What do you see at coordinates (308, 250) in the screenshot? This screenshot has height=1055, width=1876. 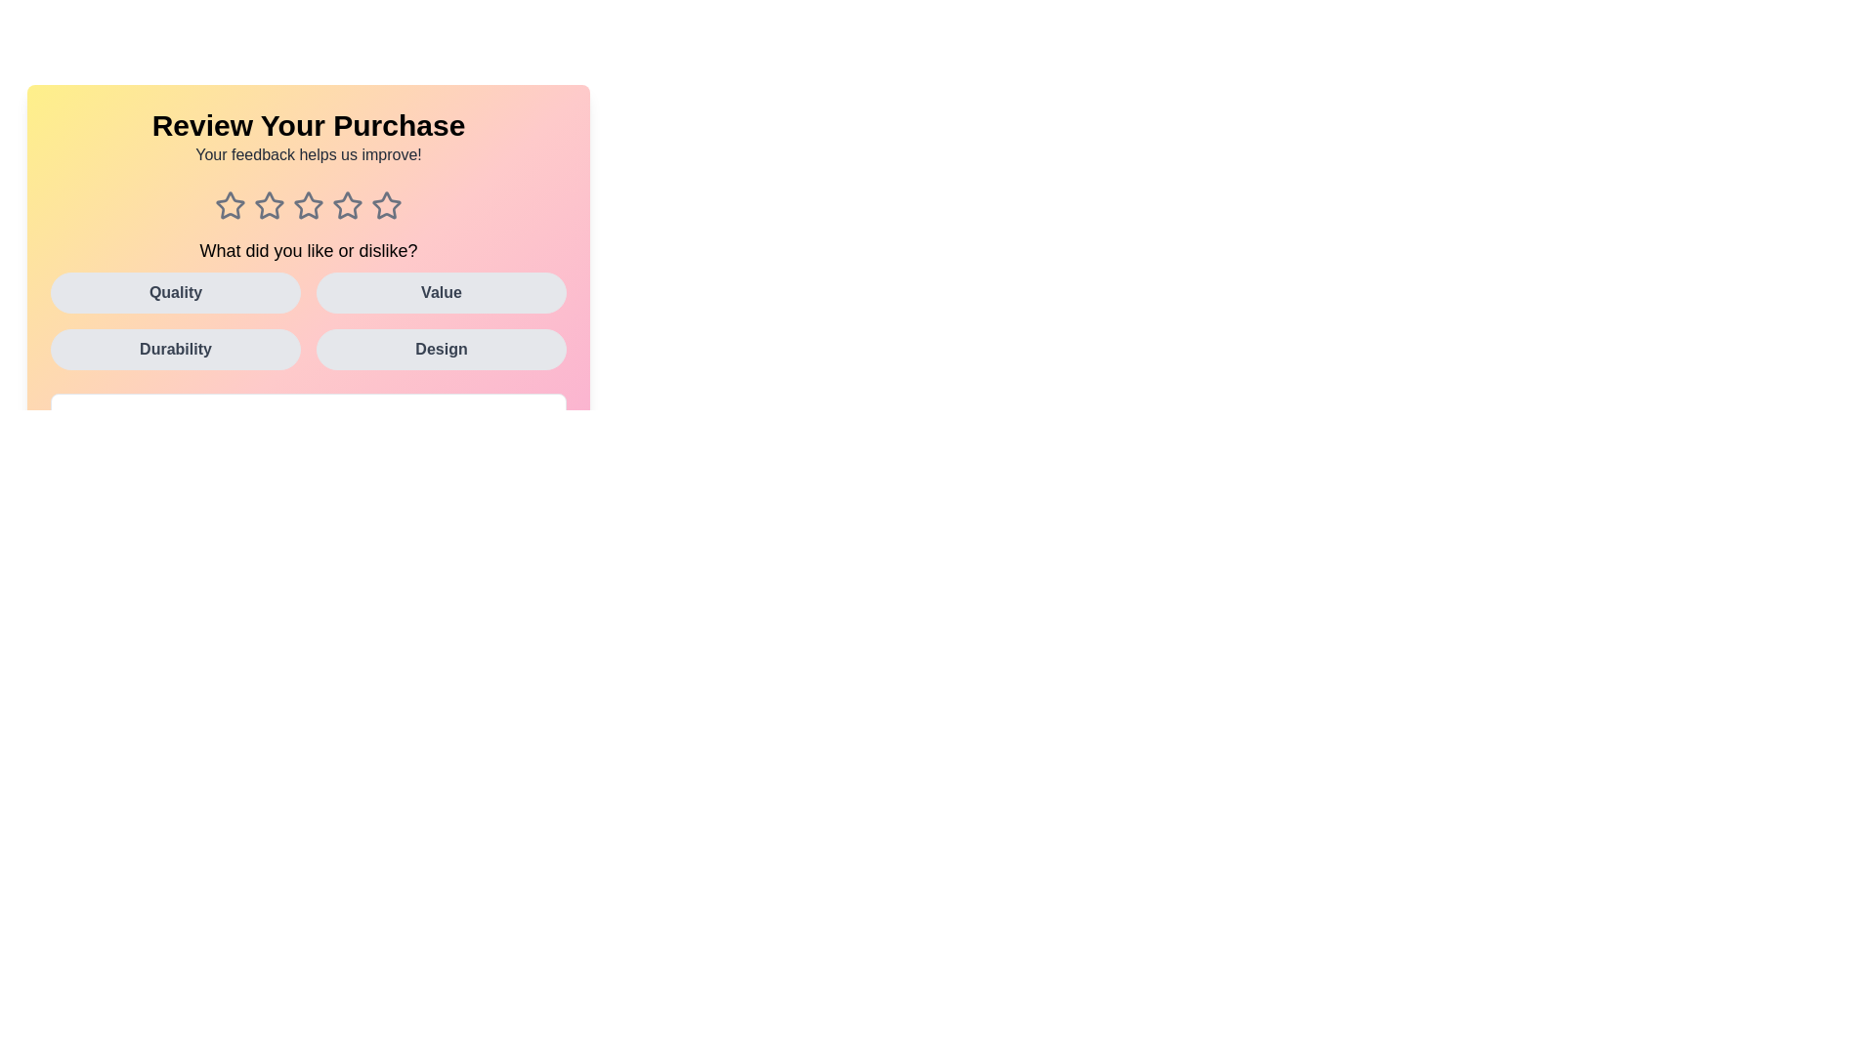 I see `the text label that reads 'What did you like or dislike?'` at bounding box center [308, 250].